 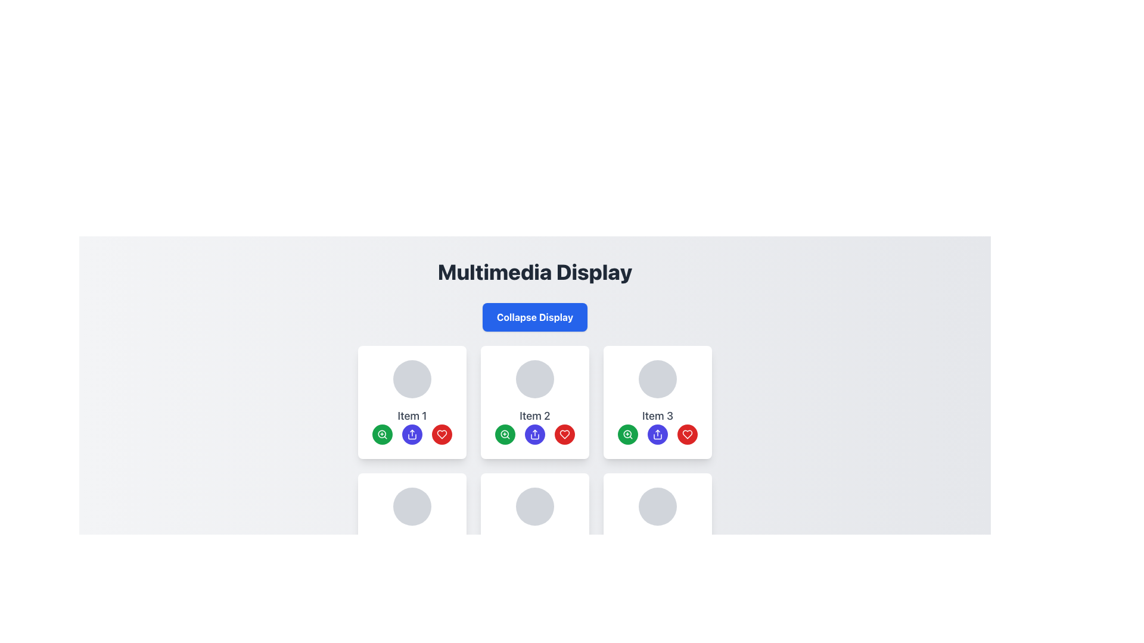 What do you see at coordinates (442, 434) in the screenshot?
I see `the red heart icon located below 'Item 3' in the set of three circular icons` at bounding box center [442, 434].